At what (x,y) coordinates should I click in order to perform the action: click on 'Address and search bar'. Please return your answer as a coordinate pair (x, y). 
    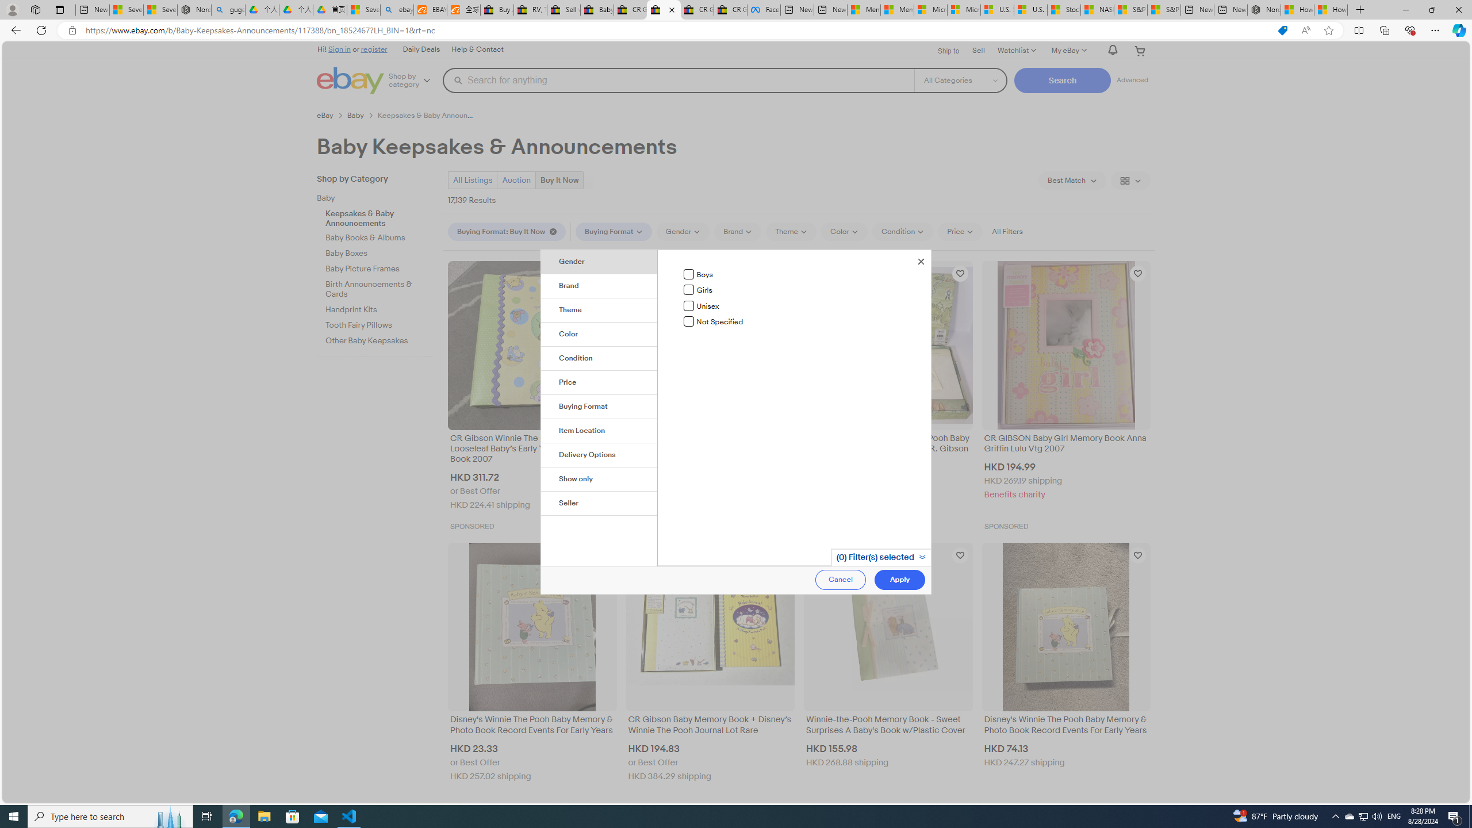
    Looking at the image, I should click on (677, 30).